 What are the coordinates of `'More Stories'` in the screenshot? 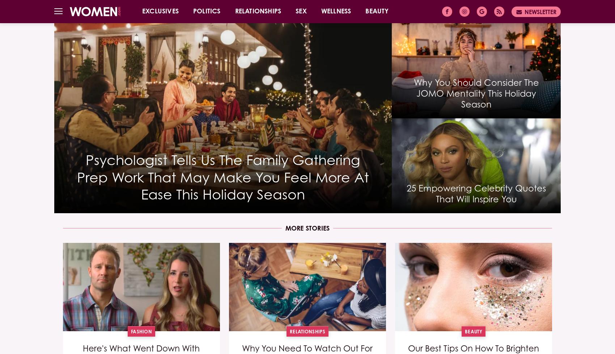 It's located at (307, 228).